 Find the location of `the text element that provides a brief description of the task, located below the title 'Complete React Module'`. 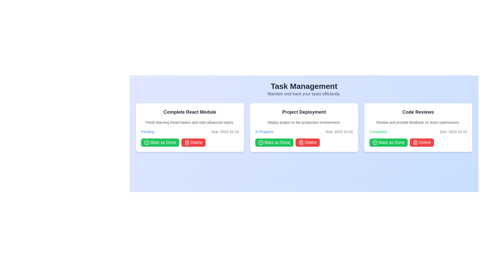

the text element that provides a brief description of the task, located below the title 'Complete React Module' is located at coordinates (189, 122).